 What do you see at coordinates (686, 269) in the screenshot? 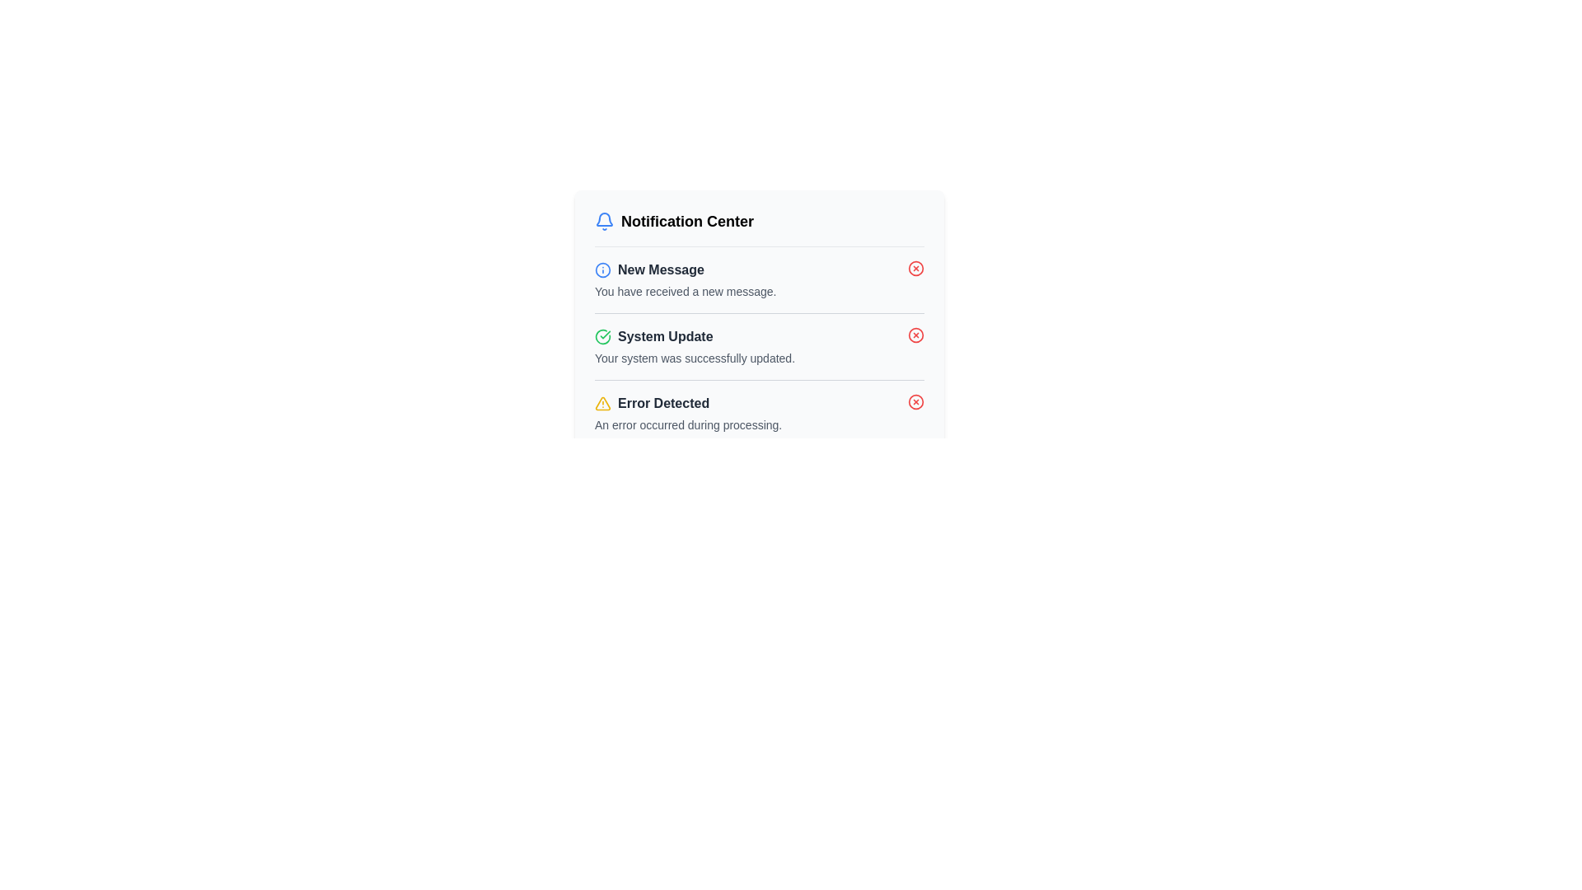
I see `text of the notification title label located in the notification center interface, positioned above the message indicating a new communication` at bounding box center [686, 269].